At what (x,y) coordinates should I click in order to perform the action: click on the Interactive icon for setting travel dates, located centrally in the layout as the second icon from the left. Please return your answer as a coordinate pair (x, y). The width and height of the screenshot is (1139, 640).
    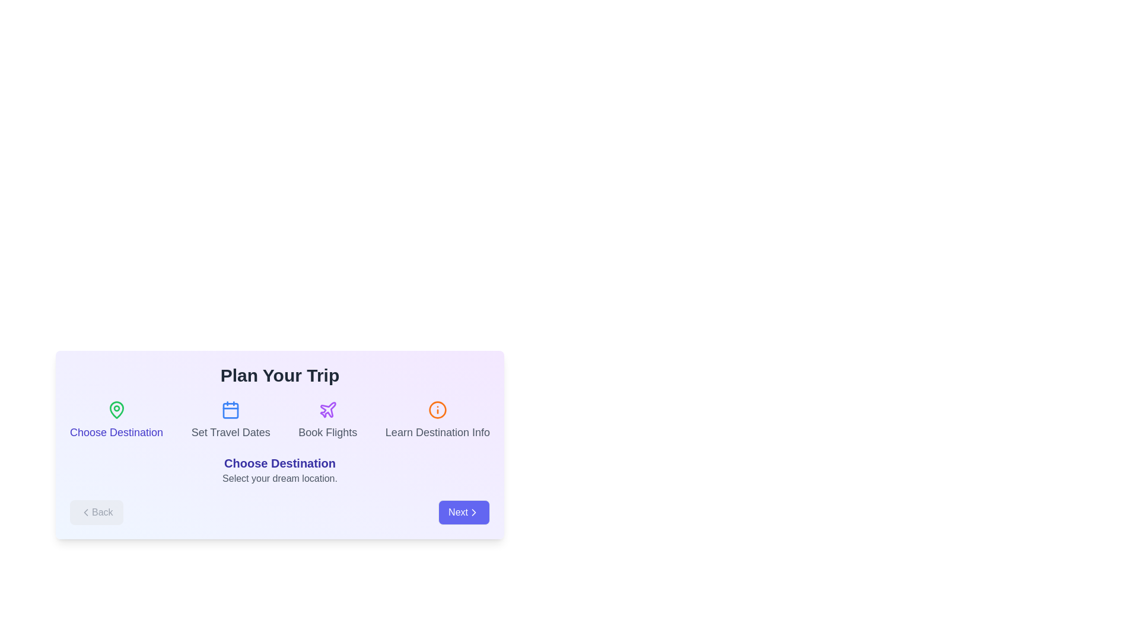
    Looking at the image, I should click on (231, 420).